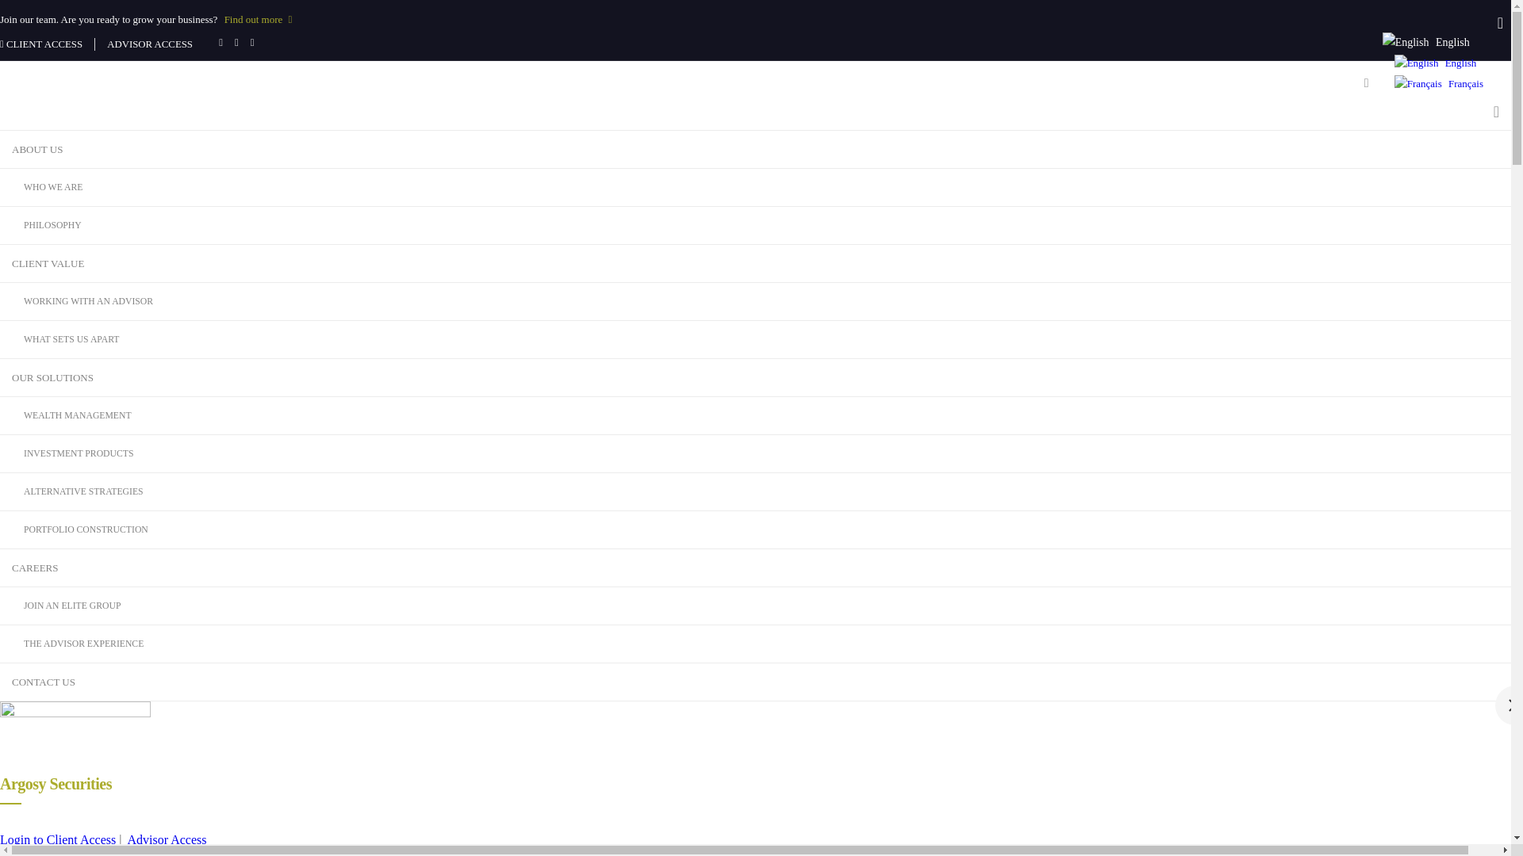  I want to click on 'Advisor Access', so click(167, 839).